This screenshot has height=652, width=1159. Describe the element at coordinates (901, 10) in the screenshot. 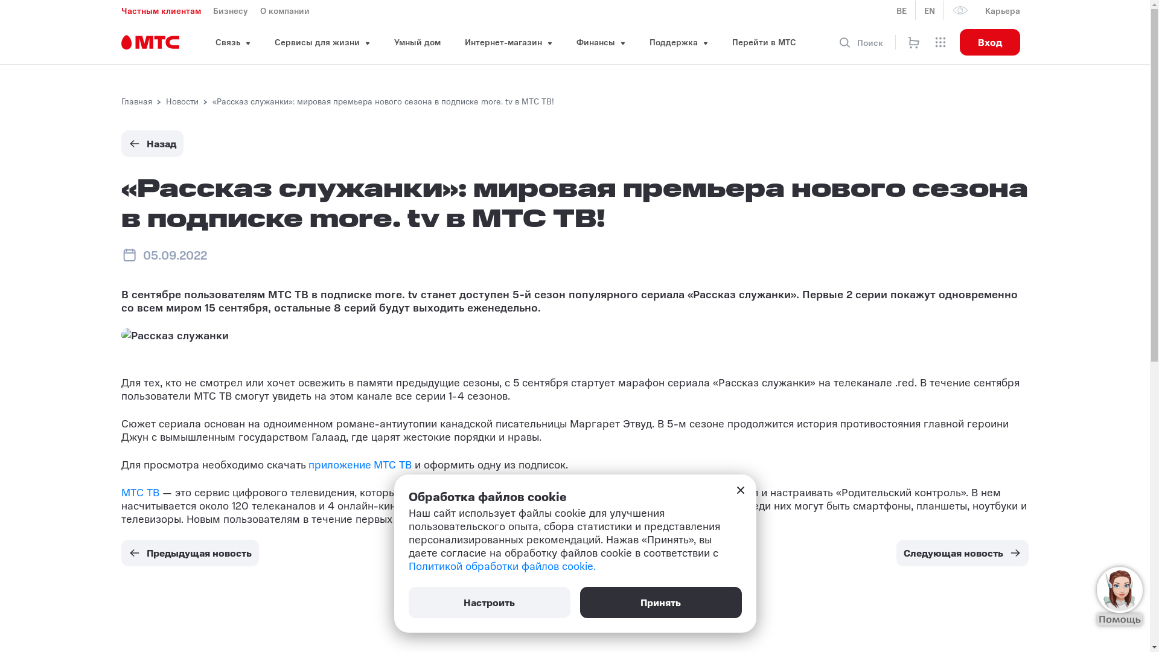

I see `'BE'` at that location.